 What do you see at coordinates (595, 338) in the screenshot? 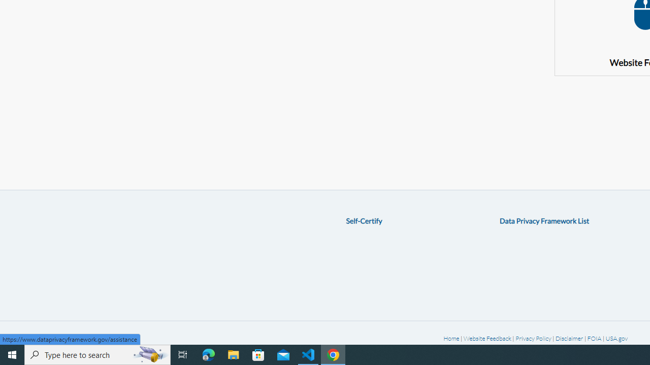
I see `'FOIA '` at bounding box center [595, 338].